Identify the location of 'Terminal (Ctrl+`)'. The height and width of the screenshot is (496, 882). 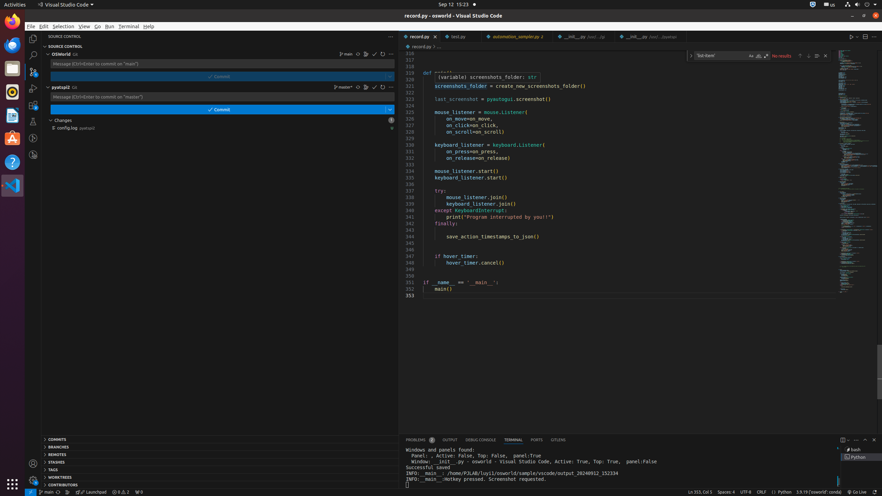
(513, 440).